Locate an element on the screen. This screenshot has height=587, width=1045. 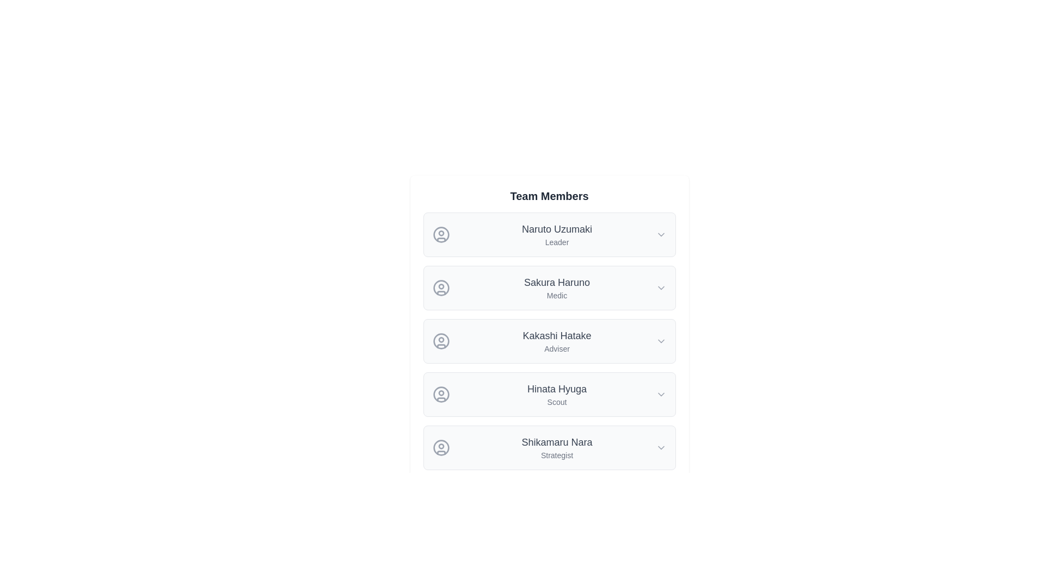
the Text Block displaying 'Naruto Uzumaki' as the first item in the list of 'Team Members', which includes the role 'Leader' underneath is located at coordinates (557, 234).